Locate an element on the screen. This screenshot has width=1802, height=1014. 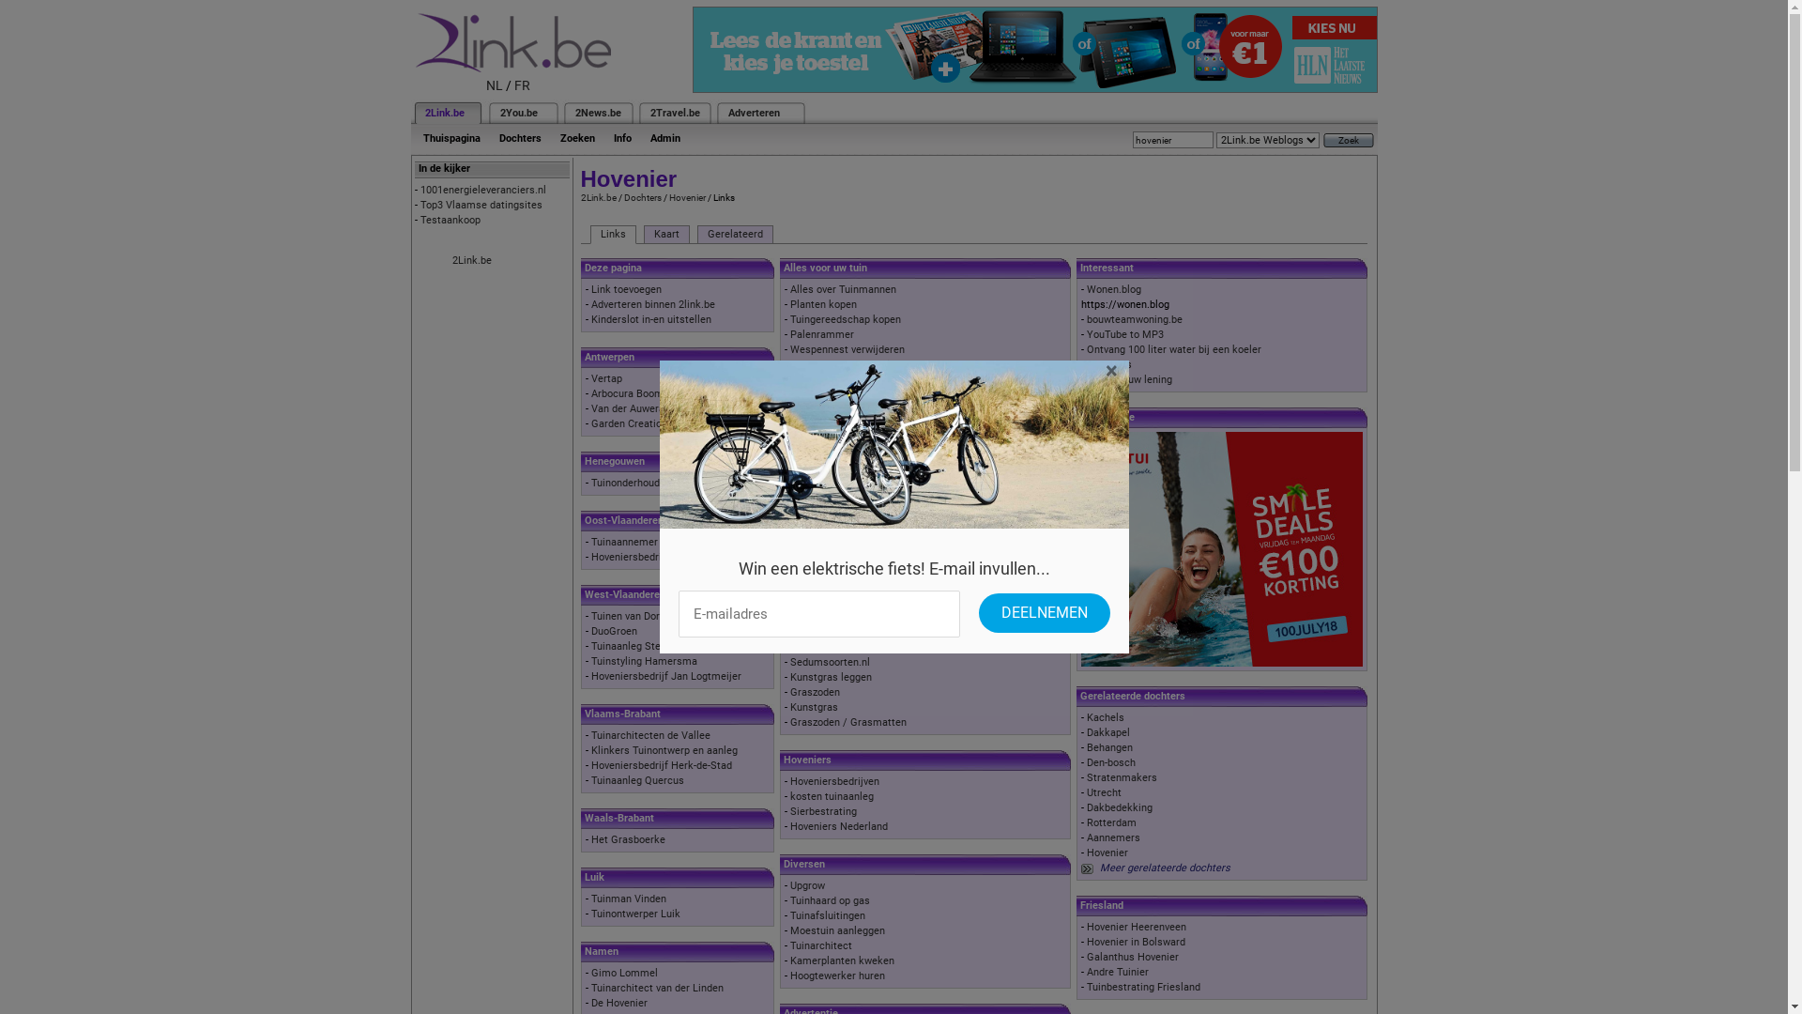
'Palenrammer' is located at coordinates (821, 333).